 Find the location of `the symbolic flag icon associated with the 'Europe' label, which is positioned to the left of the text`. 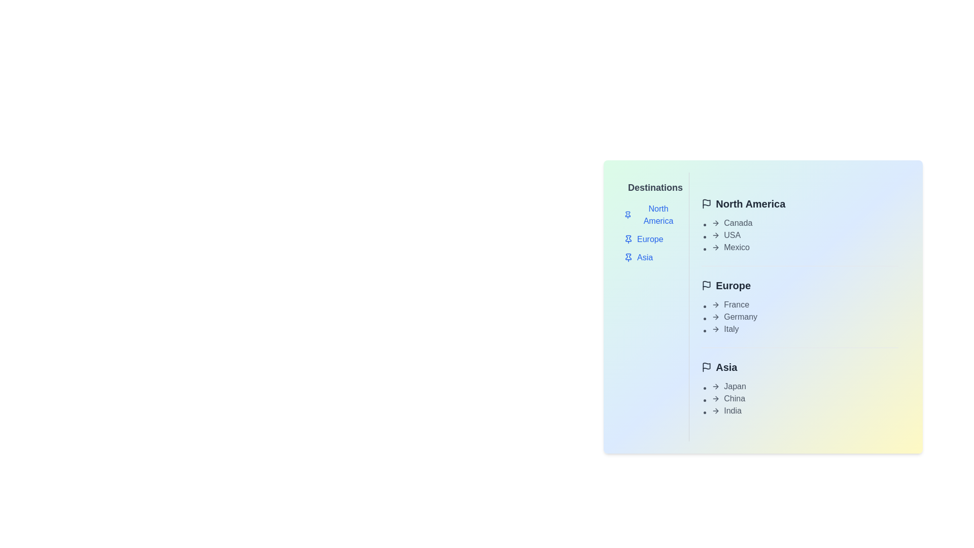

the symbolic flag icon associated with the 'Europe' label, which is positioned to the left of the text is located at coordinates (706, 286).